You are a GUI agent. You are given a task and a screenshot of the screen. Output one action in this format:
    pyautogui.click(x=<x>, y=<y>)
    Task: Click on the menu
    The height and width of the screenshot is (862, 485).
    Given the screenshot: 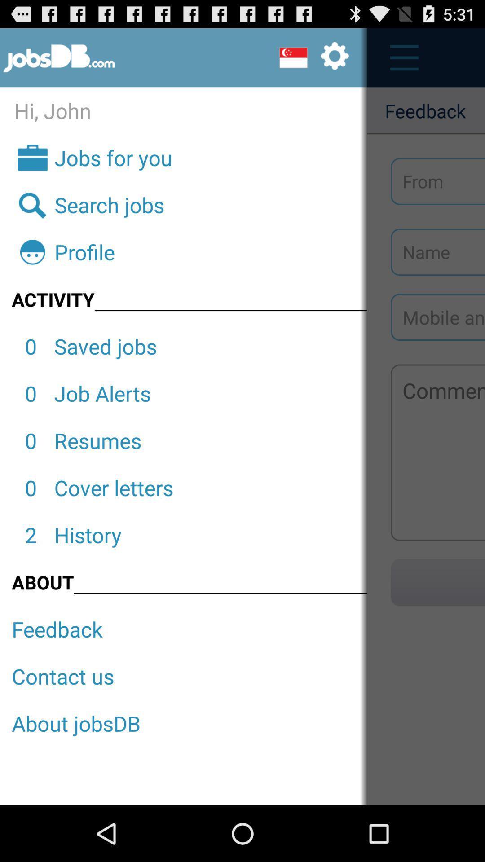 What is the action you would take?
    pyautogui.click(x=399, y=57)
    